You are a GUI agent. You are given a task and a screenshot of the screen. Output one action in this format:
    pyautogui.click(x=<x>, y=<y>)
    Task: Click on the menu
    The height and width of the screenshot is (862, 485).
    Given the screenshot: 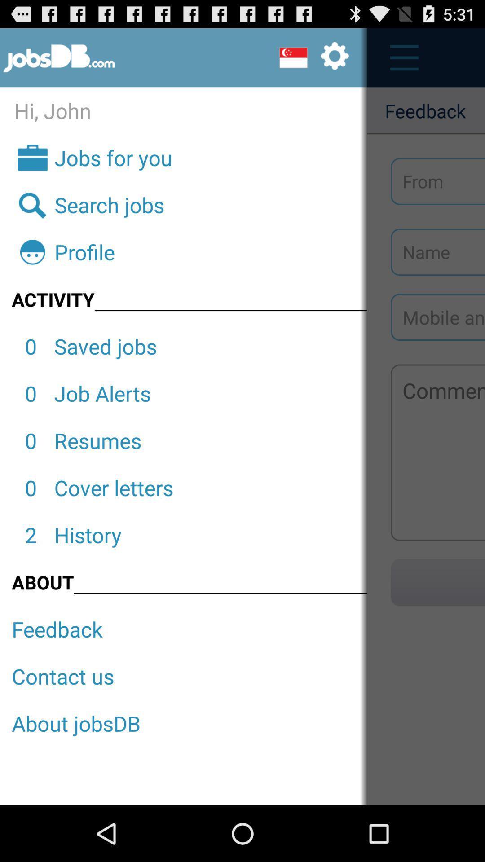 What is the action you would take?
    pyautogui.click(x=399, y=57)
    